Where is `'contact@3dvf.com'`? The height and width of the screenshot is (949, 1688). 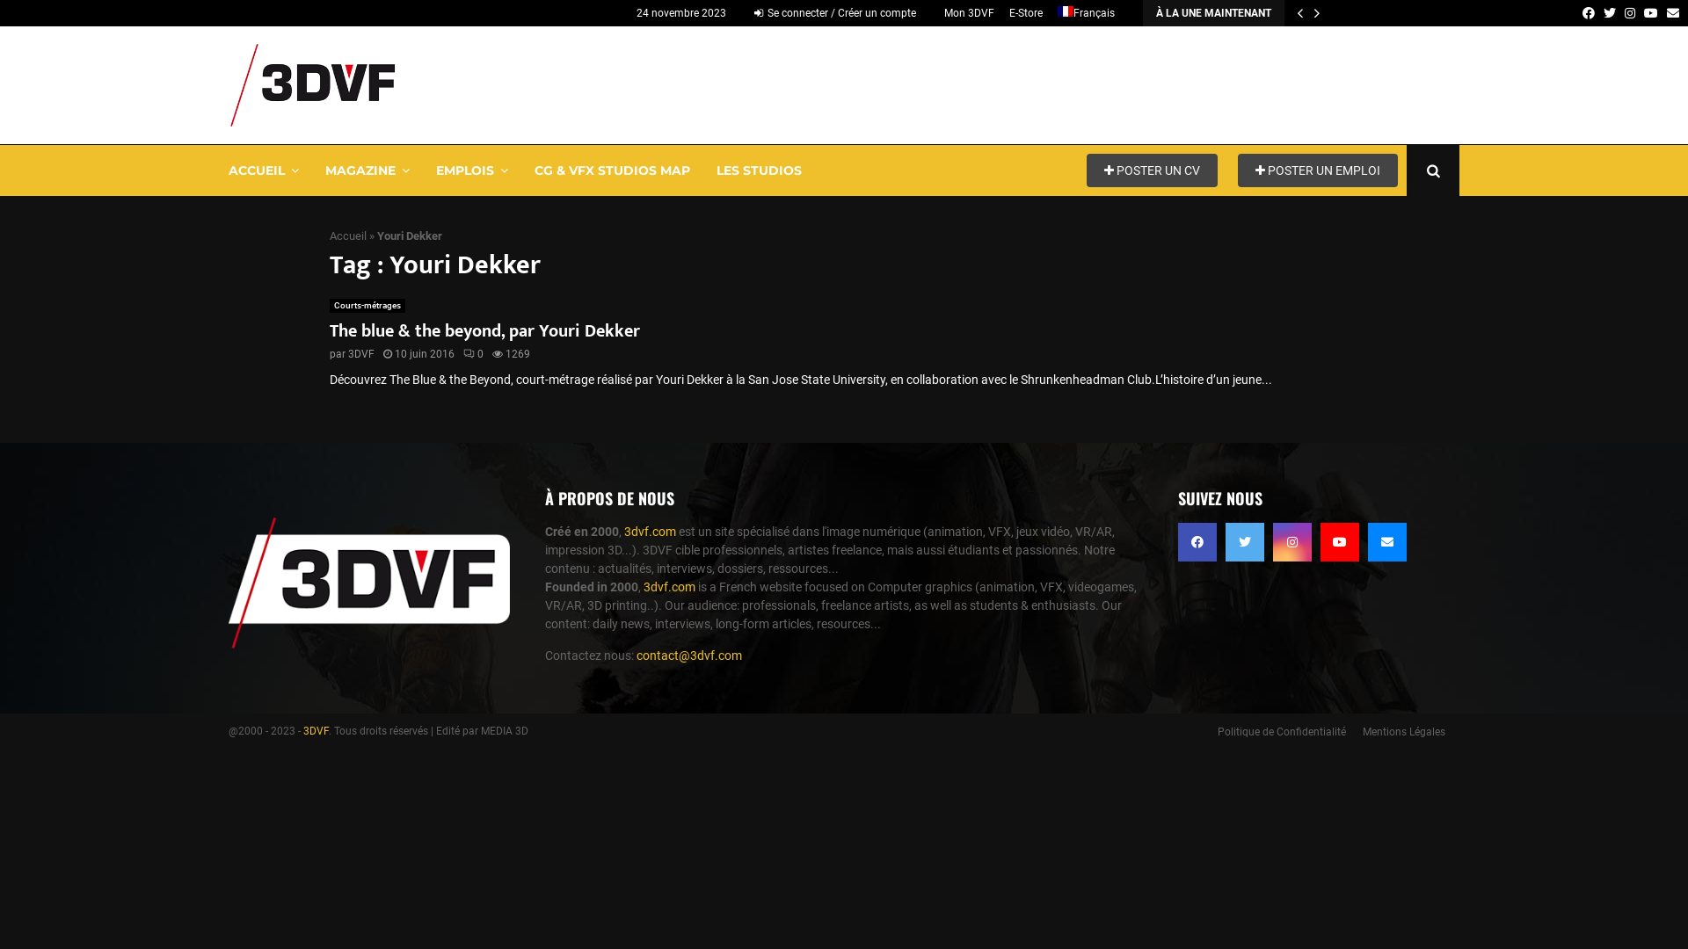 'contact@3dvf.com' is located at coordinates (688, 655).